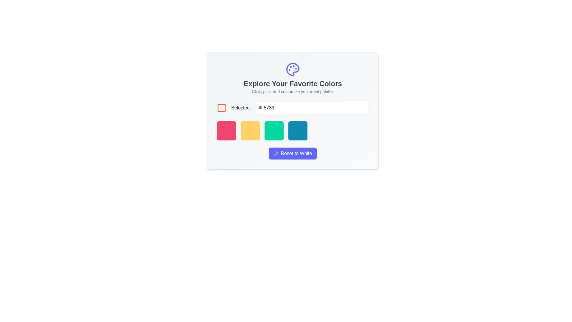 The height and width of the screenshot is (322, 572). Describe the element at coordinates (274, 131) in the screenshot. I see `the green button with rounded corners, which is the third button in a horizontal row of four buttons` at that location.